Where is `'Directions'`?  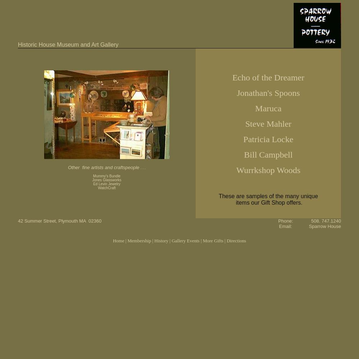
'Directions' is located at coordinates (236, 241).